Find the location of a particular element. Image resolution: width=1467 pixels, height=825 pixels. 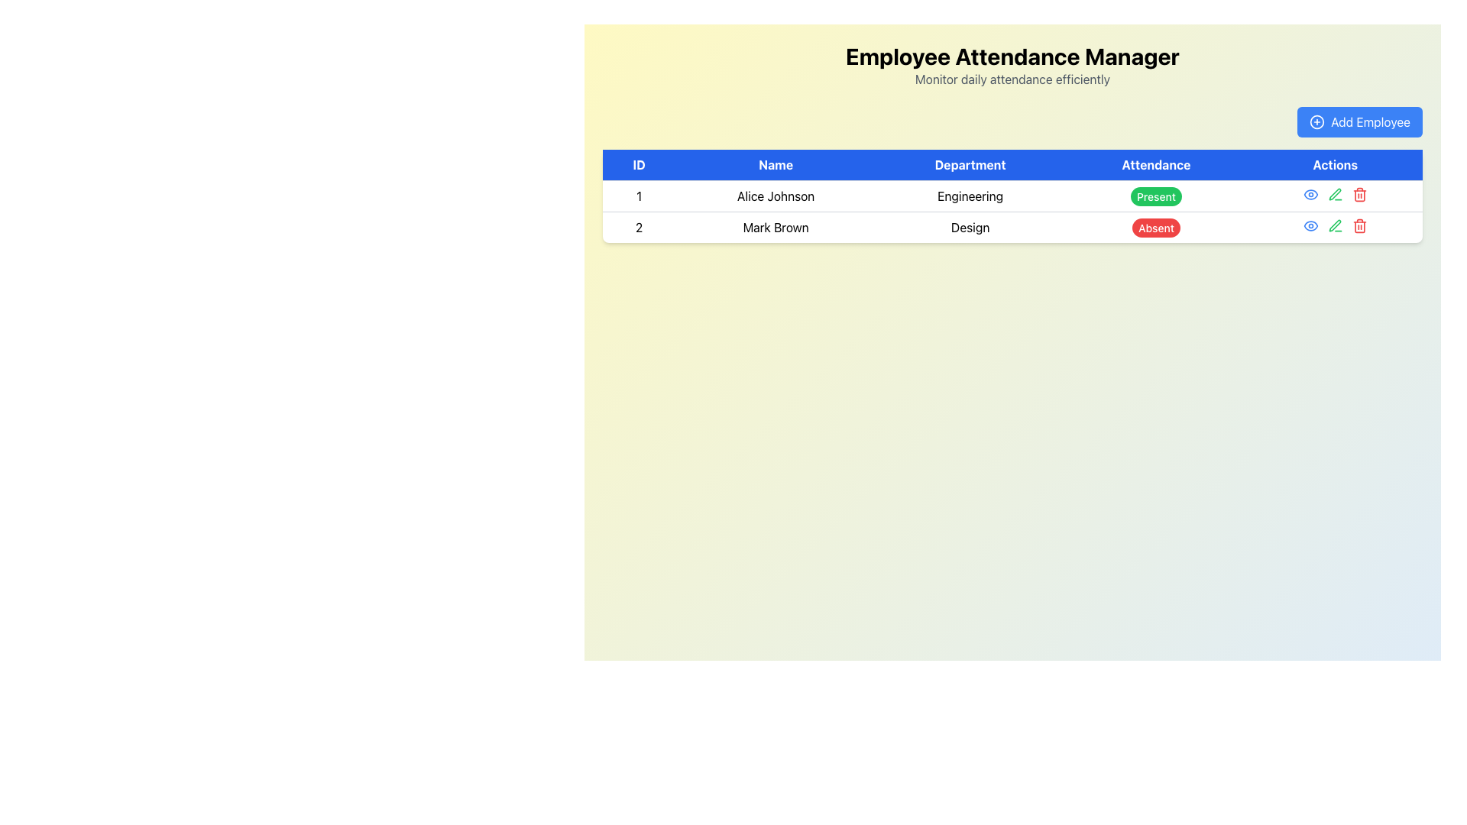

the text label displaying 'Design' located in the 'Department' column of the table row for 'Mark Brown' is located at coordinates (970, 227).